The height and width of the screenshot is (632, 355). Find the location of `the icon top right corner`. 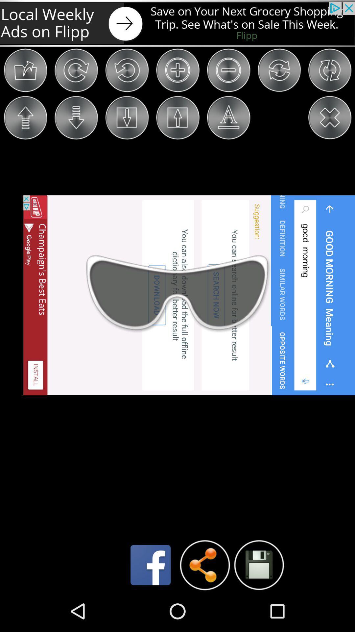

the icon top right corner is located at coordinates (329, 70).